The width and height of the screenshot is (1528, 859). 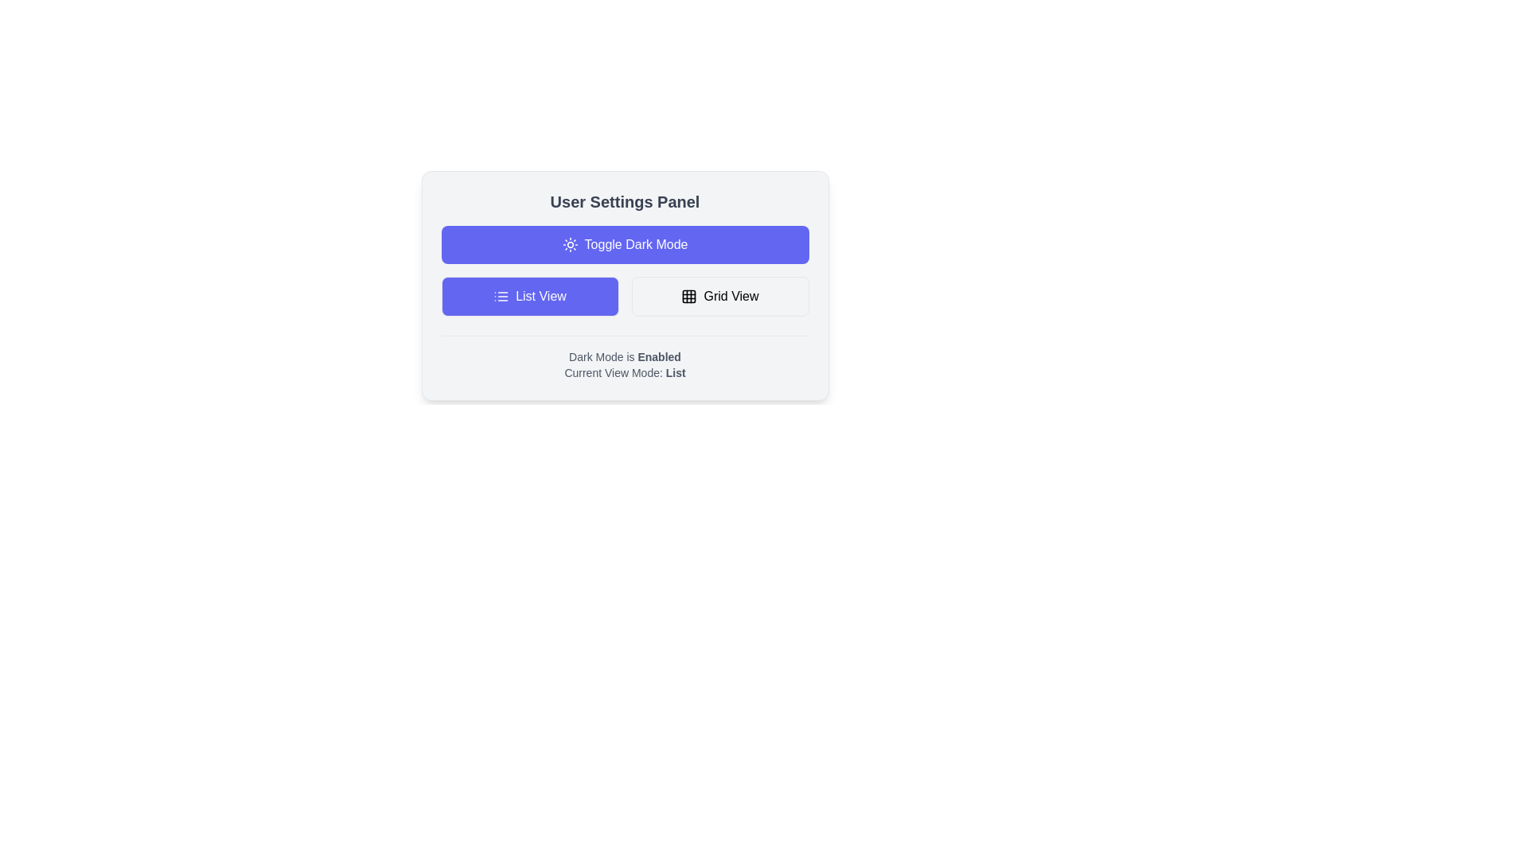 What do you see at coordinates (530, 297) in the screenshot?
I see `the 'List View' button, which is a rectangular button with rounded corners, indigo background on active state, white text, and an icon of three horizontal lines next to the text` at bounding box center [530, 297].